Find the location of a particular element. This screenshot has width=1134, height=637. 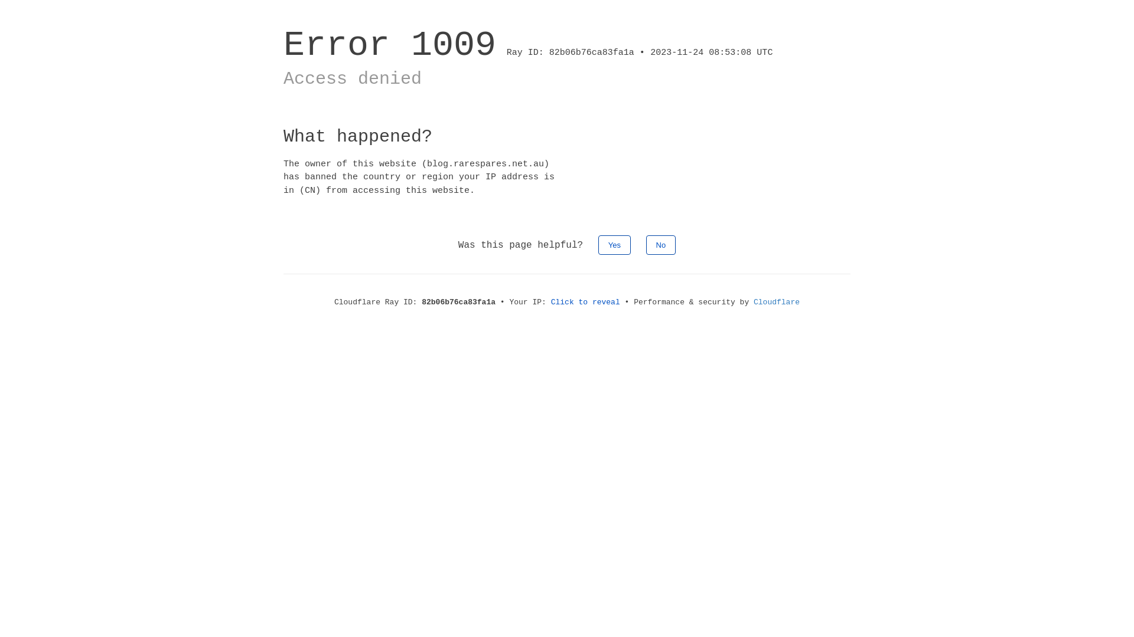

'No' is located at coordinates (660, 244).